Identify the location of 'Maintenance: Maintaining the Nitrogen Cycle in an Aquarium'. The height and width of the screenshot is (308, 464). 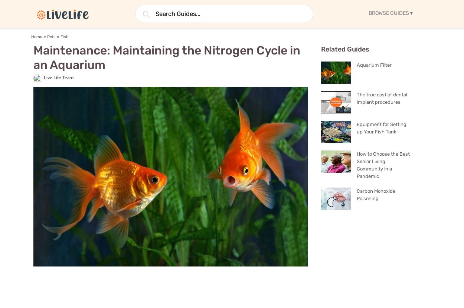
(166, 57).